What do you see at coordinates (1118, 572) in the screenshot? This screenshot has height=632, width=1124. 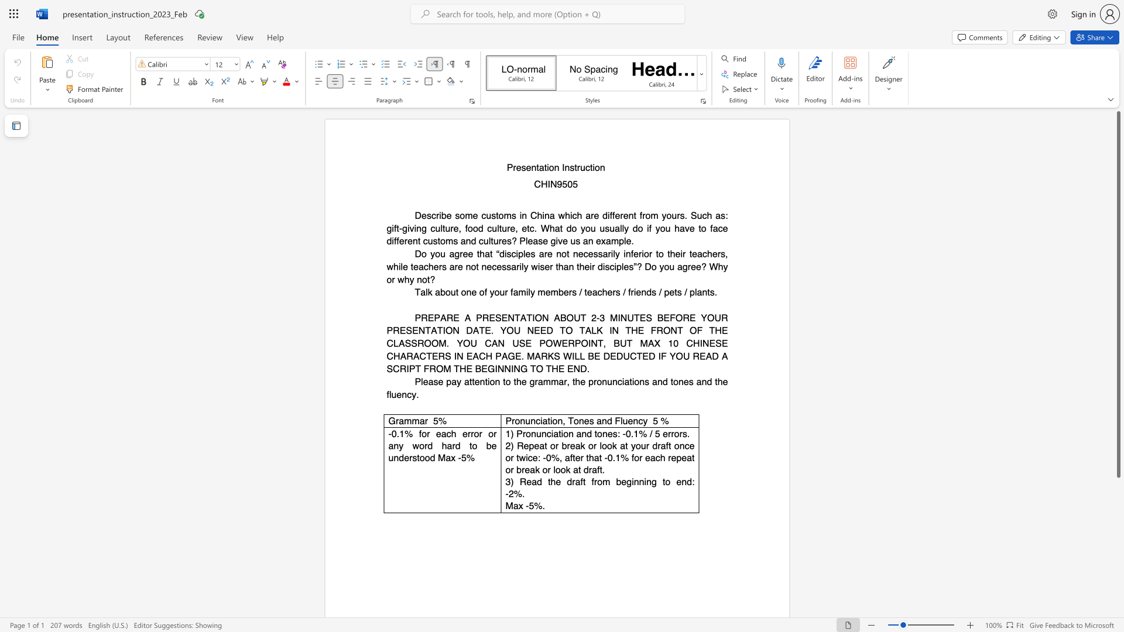 I see `the scrollbar on the right side to scroll the page down` at bounding box center [1118, 572].